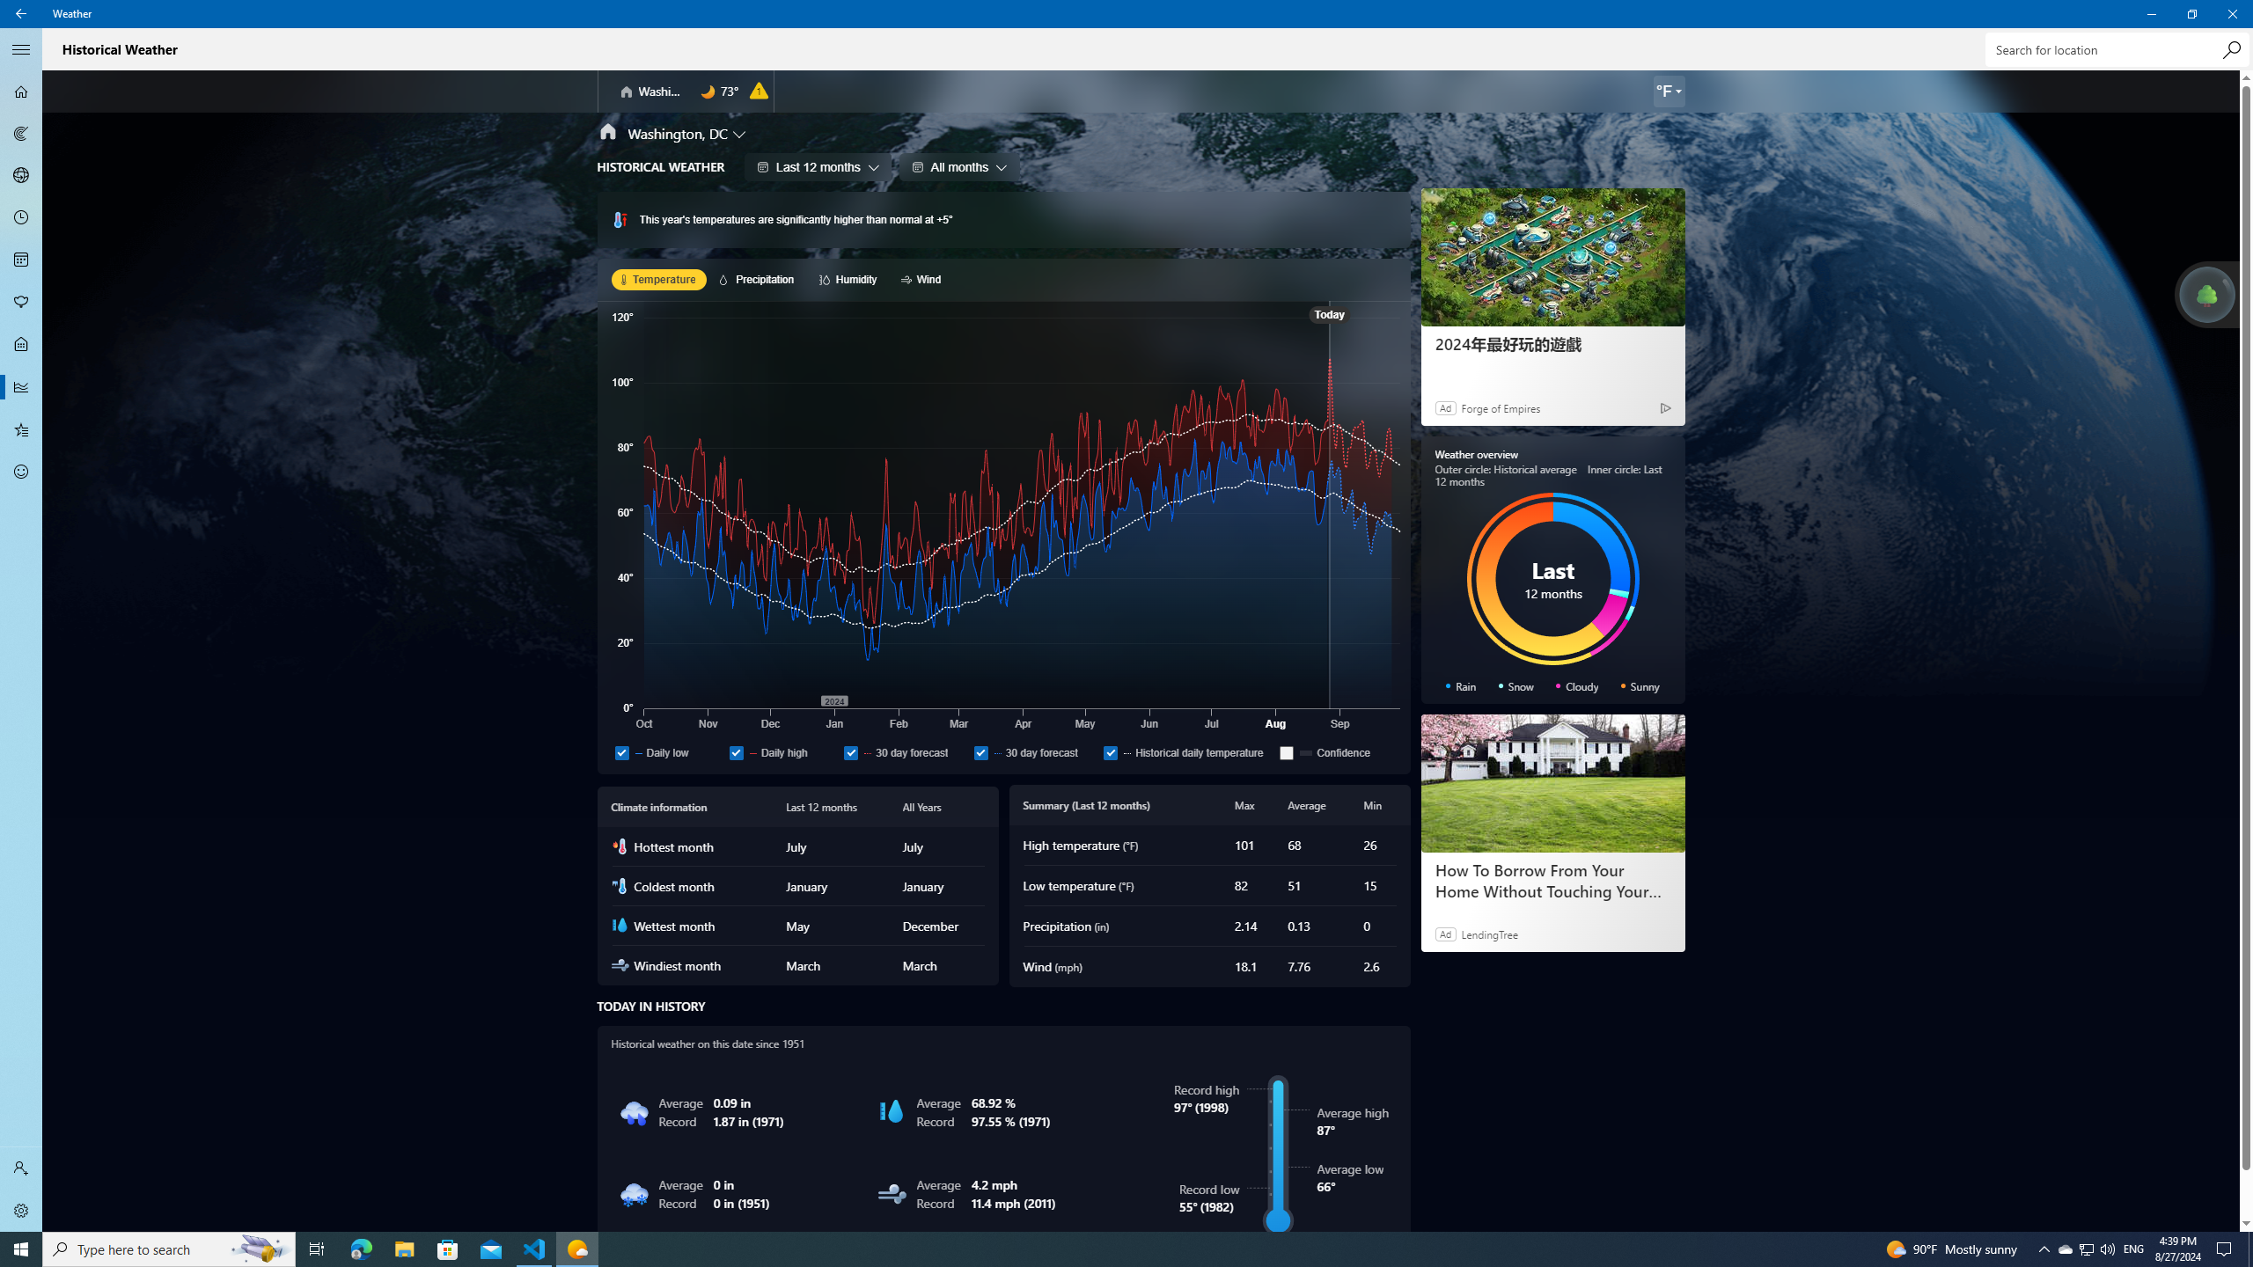 Image resolution: width=2253 pixels, height=1267 pixels. What do you see at coordinates (21, 472) in the screenshot?
I see `'Send Feedback - Not Selected'` at bounding box center [21, 472].